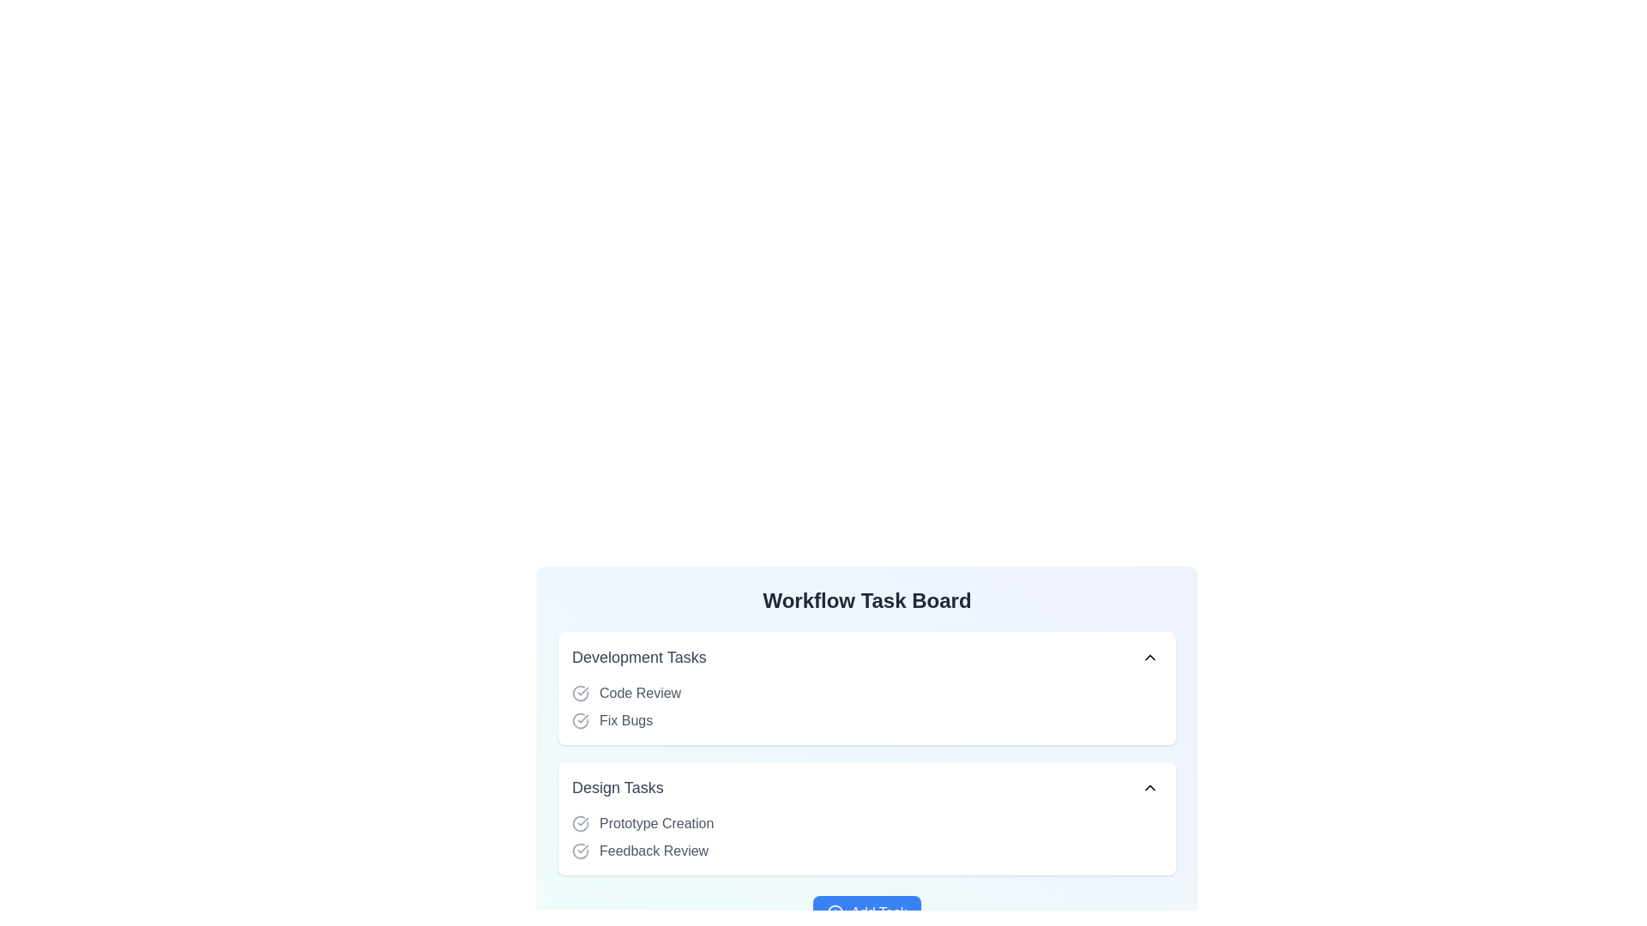  Describe the element at coordinates (580, 693) in the screenshot. I see `the Checkbox/Icon indicating status` at that location.